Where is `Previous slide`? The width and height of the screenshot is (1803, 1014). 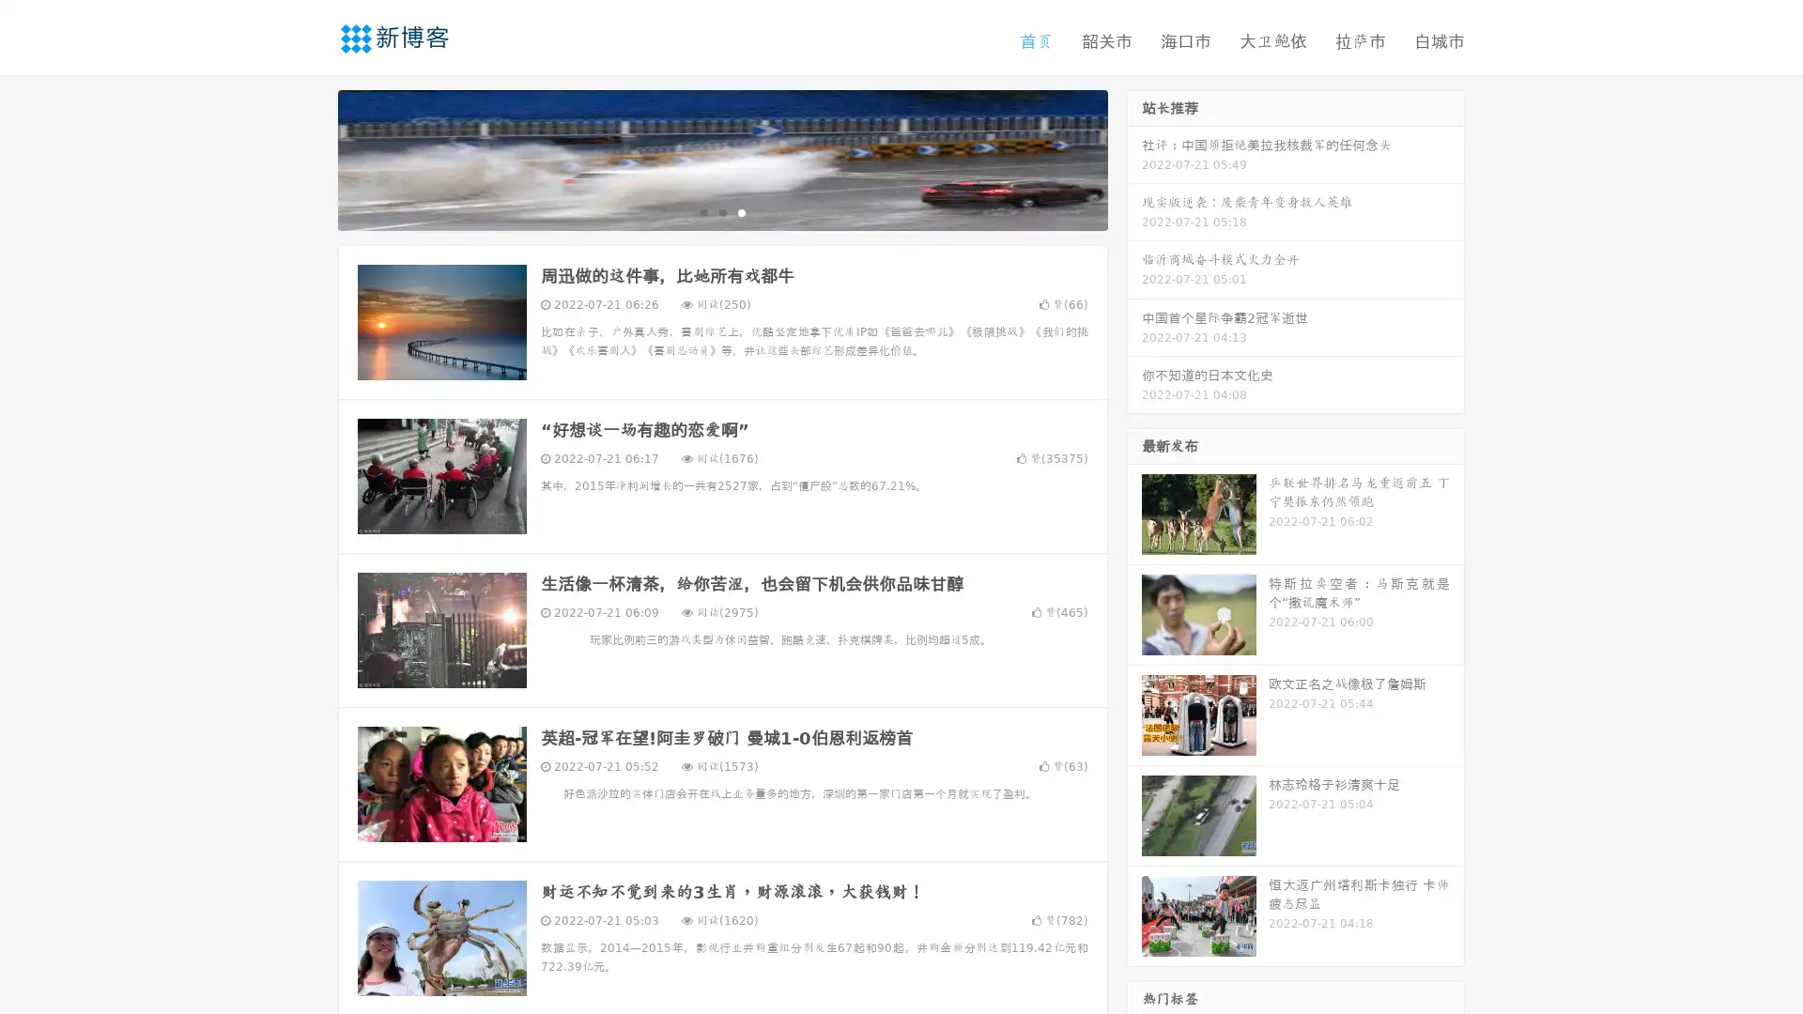 Previous slide is located at coordinates (310, 158).